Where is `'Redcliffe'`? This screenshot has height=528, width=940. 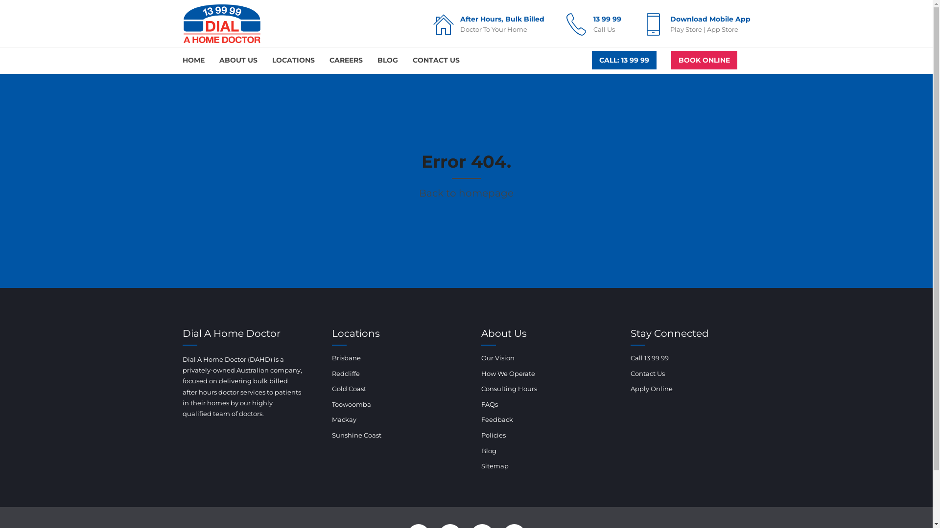
'Redcliffe' is located at coordinates (346, 373).